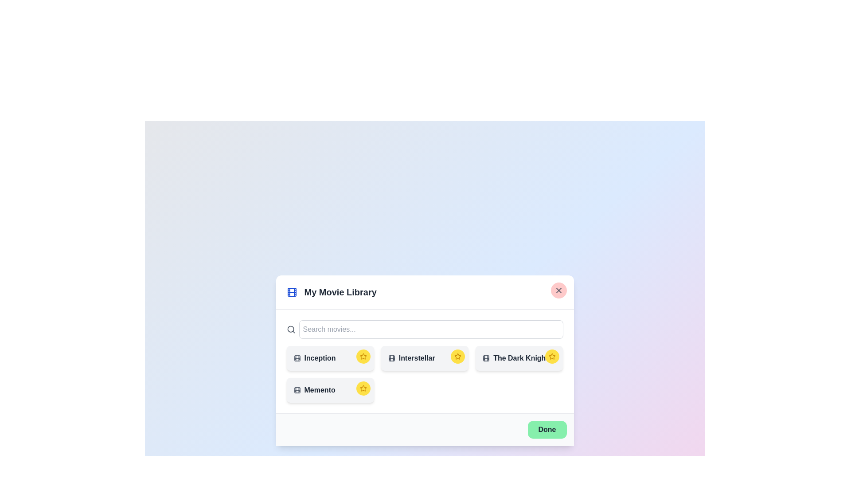 The image size is (851, 479). I want to click on the yellow star-shaped icon in the movie selection interface under 'My Movie Library' to express selection or rating, so click(363, 356).